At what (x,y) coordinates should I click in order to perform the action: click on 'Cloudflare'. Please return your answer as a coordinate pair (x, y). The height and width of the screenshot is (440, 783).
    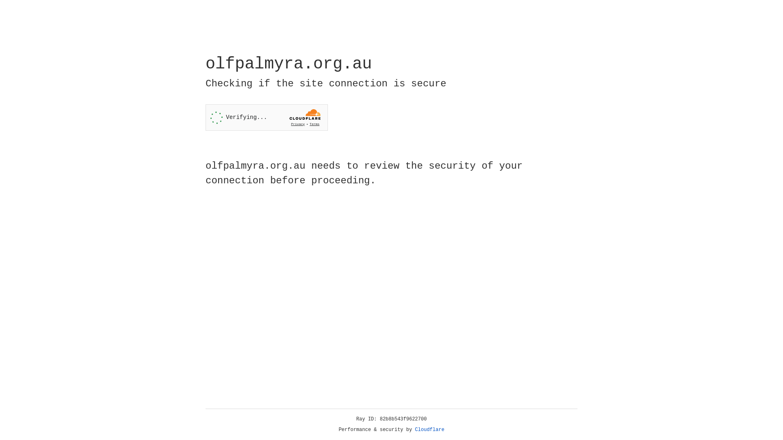
    Looking at the image, I should click on (415, 429).